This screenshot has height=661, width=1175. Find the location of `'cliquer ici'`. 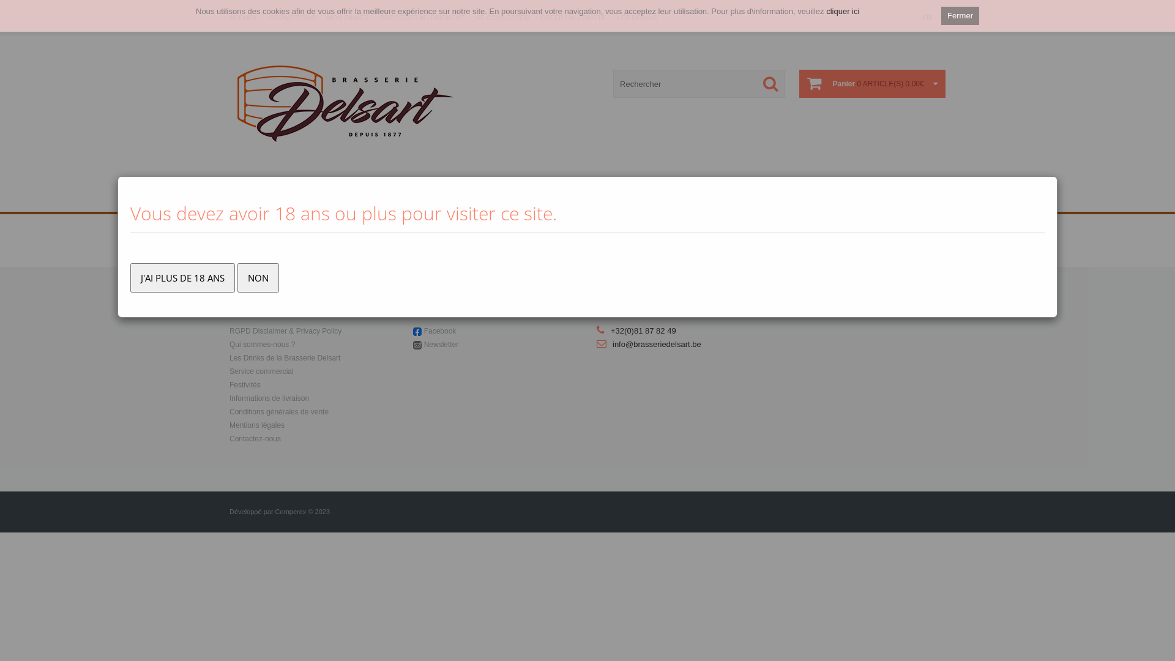

'cliquer ici' is located at coordinates (842, 11).